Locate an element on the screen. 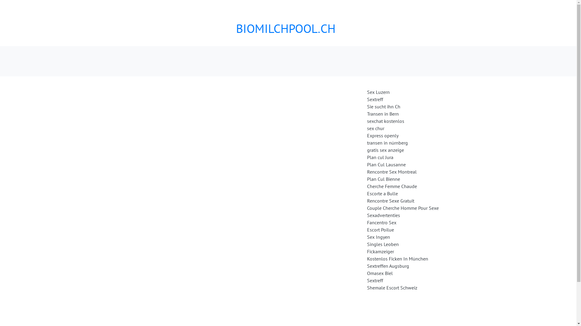  'Sex Ingyen' is located at coordinates (366, 237).